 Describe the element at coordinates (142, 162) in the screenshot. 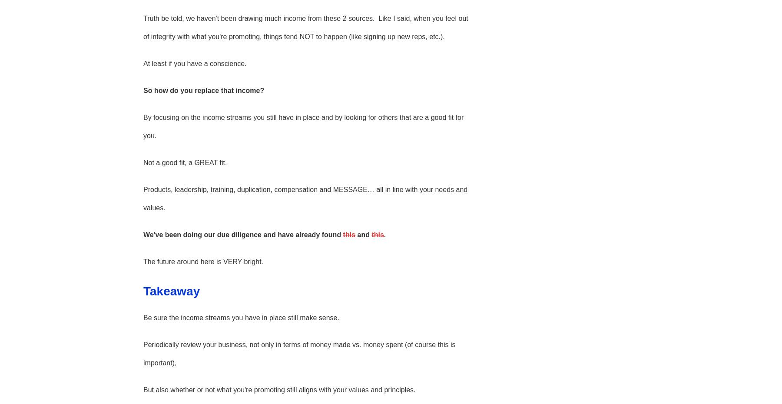

I see `'Not a good fit, a GREAT fit.'` at that location.